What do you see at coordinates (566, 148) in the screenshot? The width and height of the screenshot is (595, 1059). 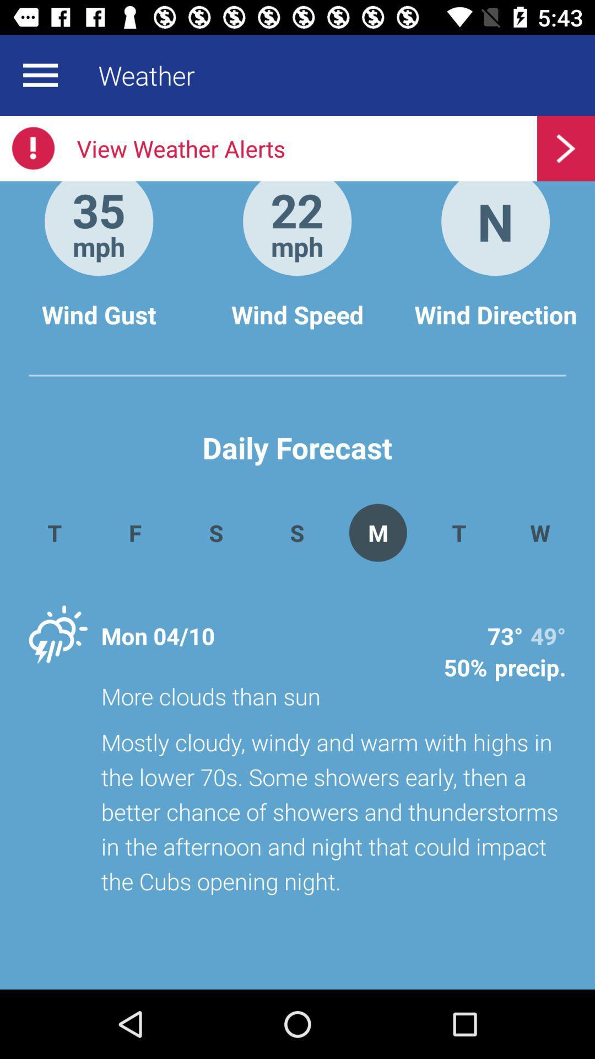 I see `the button` at bounding box center [566, 148].